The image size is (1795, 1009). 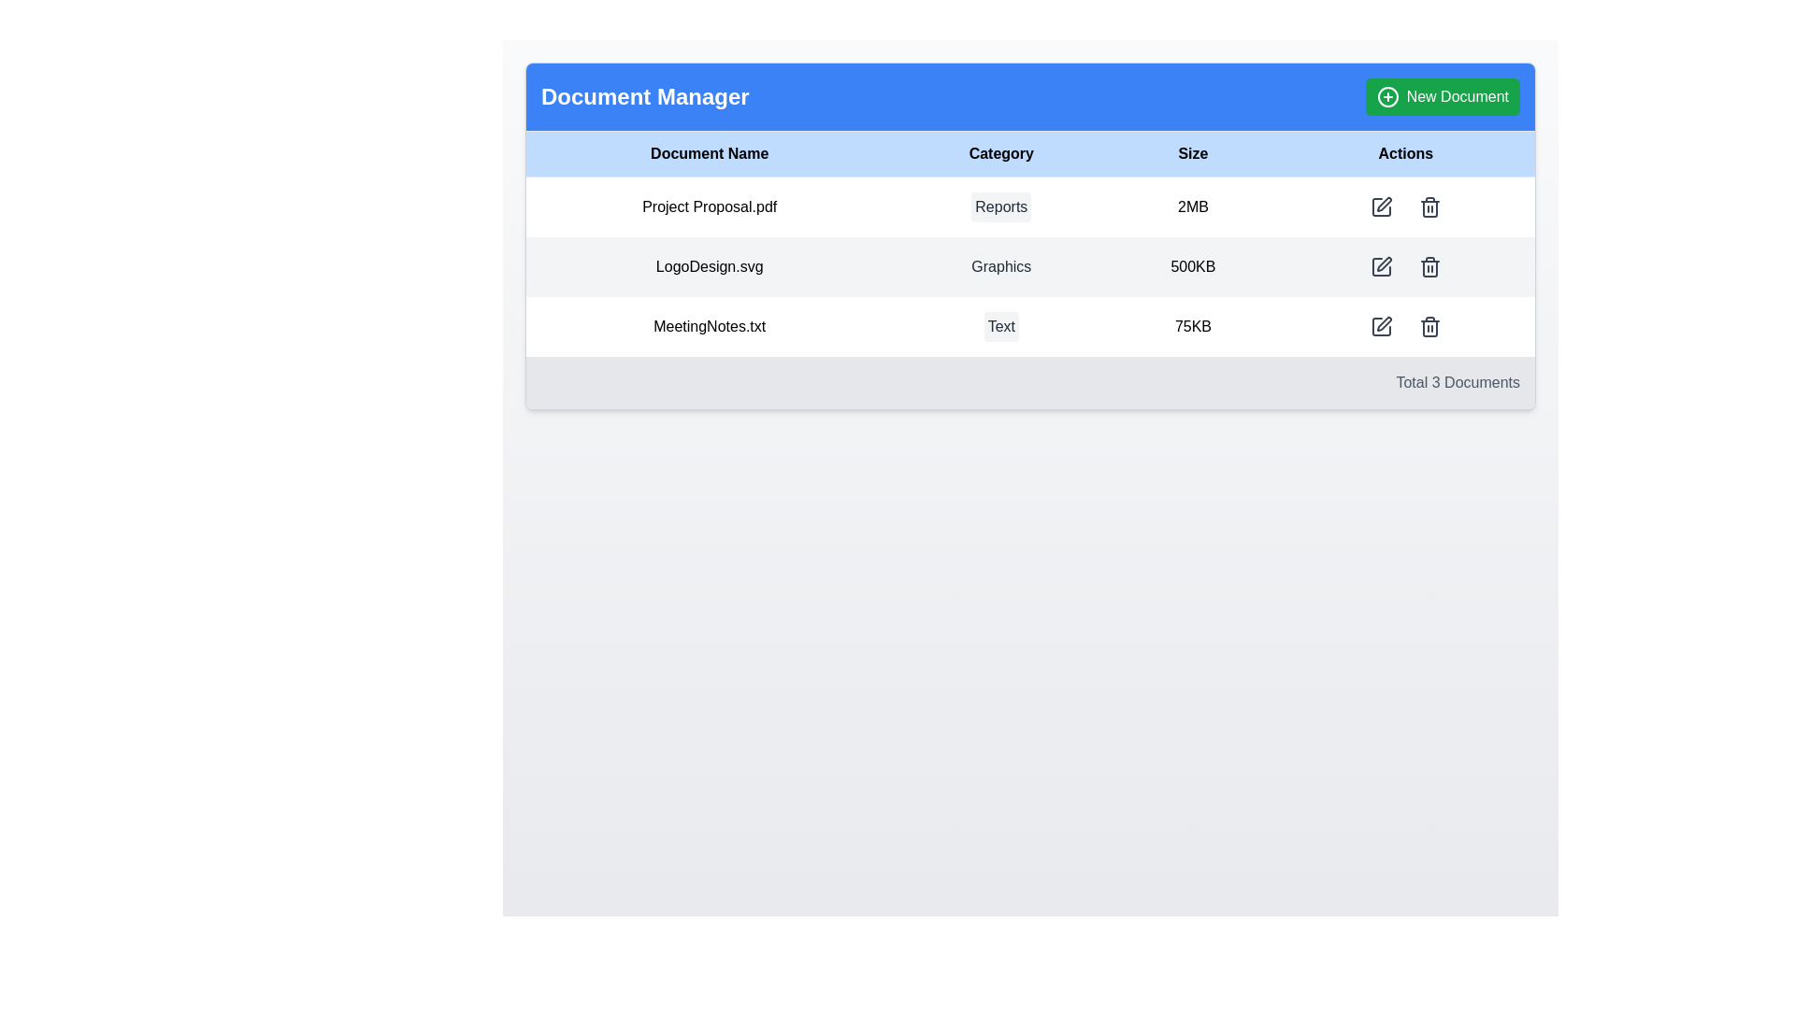 What do you see at coordinates (1381, 207) in the screenshot?
I see `the edit icon button located in the 'Actions' column of the first row for the document titled 'Project Proposal.pdf'` at bounding box center [1381, 207].